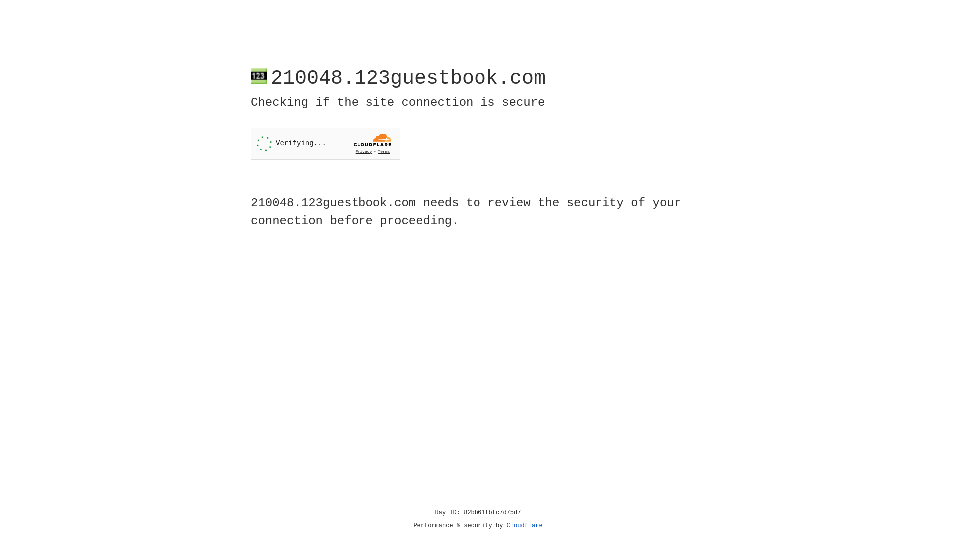 Image resolution: width=956 pixels, height=538 pixels. What do you see at coordinates (524, 525) in the screenshot?
I see `'Cloudflare'` at bounding box center [524, 525].